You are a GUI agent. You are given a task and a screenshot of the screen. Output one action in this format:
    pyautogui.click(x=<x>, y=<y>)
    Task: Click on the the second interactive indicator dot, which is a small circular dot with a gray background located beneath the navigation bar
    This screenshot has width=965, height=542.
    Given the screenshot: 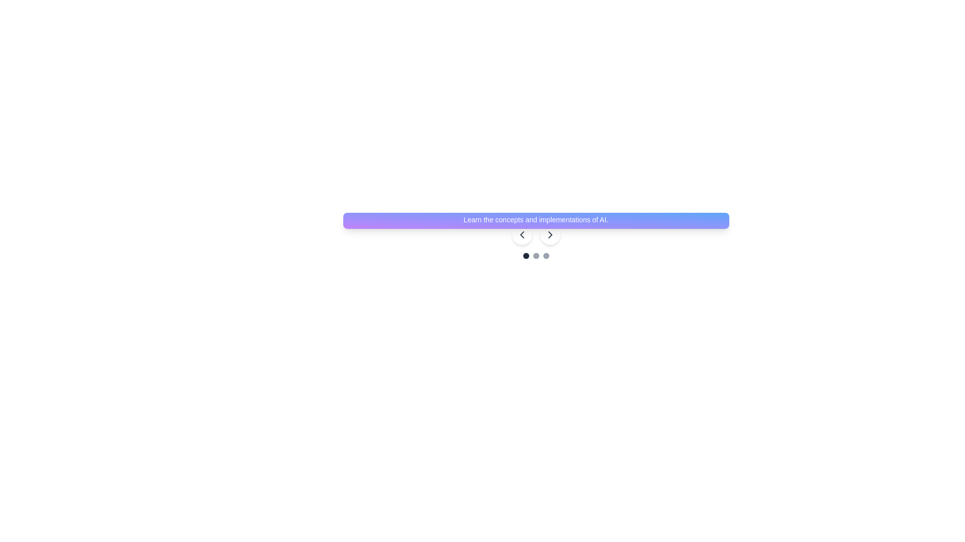 What is the action you would take?
    pyautogui.click(x=535, y=255)
    